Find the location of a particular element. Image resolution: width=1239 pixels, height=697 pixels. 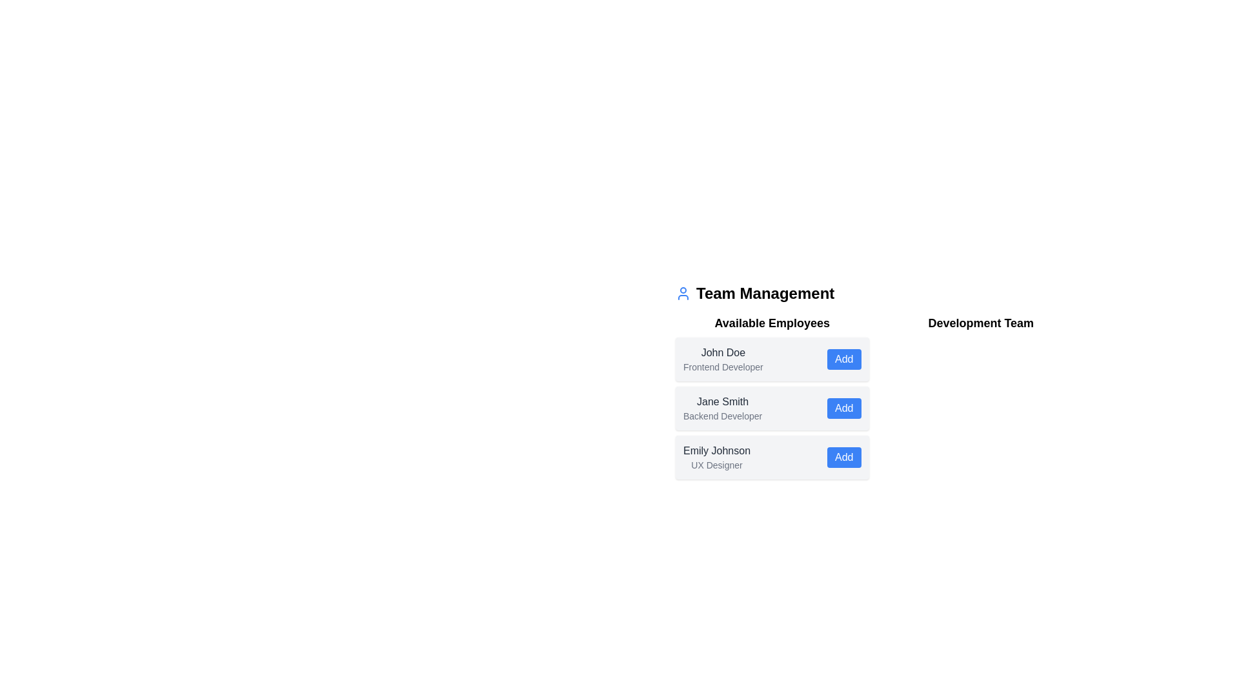

the text label reading 'Backend Developer' styled in a smaller gray font, located directly under 'Jane Smith' in the 'Available Employees' section of the 'Team Management' interface is located at coordinates (723, 416).